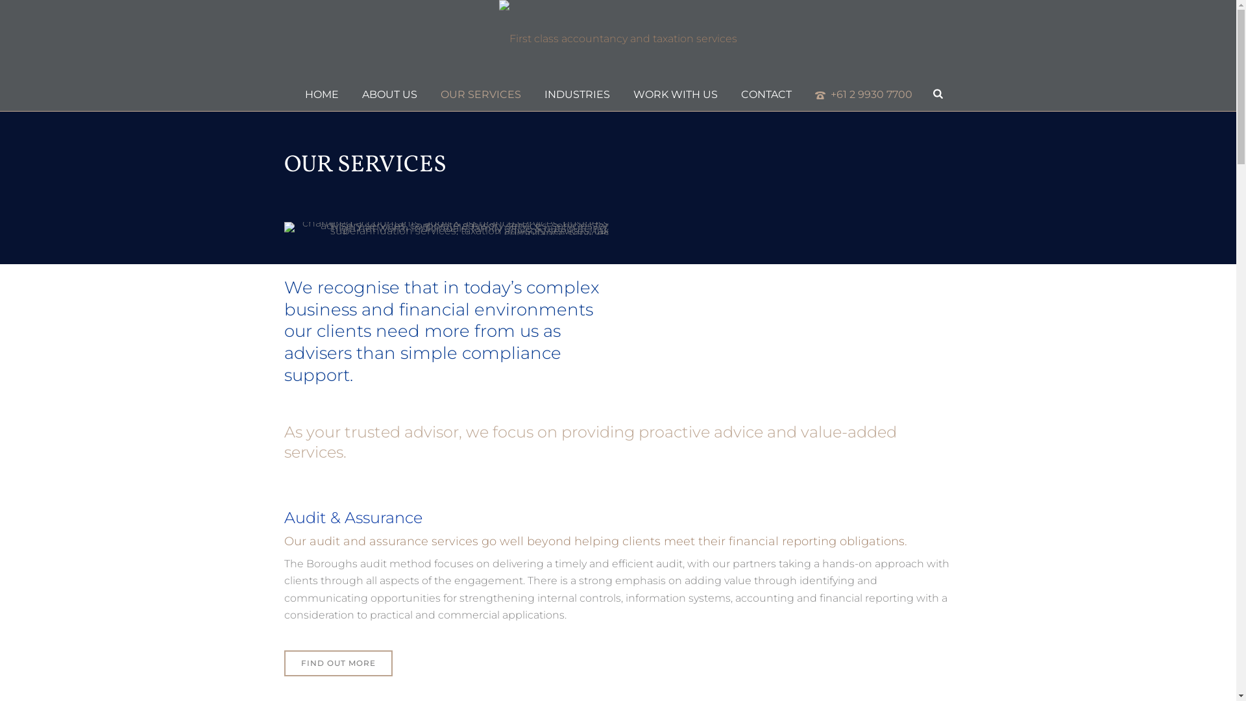 The width and height of the screenshot is (1246, 701). Describe the element at coordinates (338, 663) in the screenshot. I see `'FIND OUT MORE'` at that location.